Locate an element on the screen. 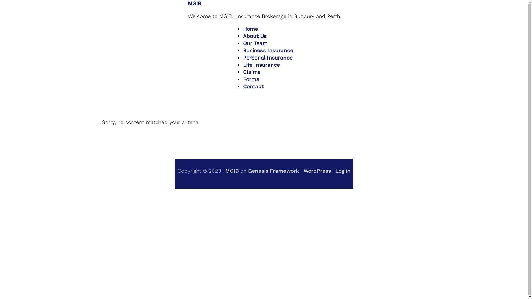  'MGIB' is located at coordinates (231, 171).